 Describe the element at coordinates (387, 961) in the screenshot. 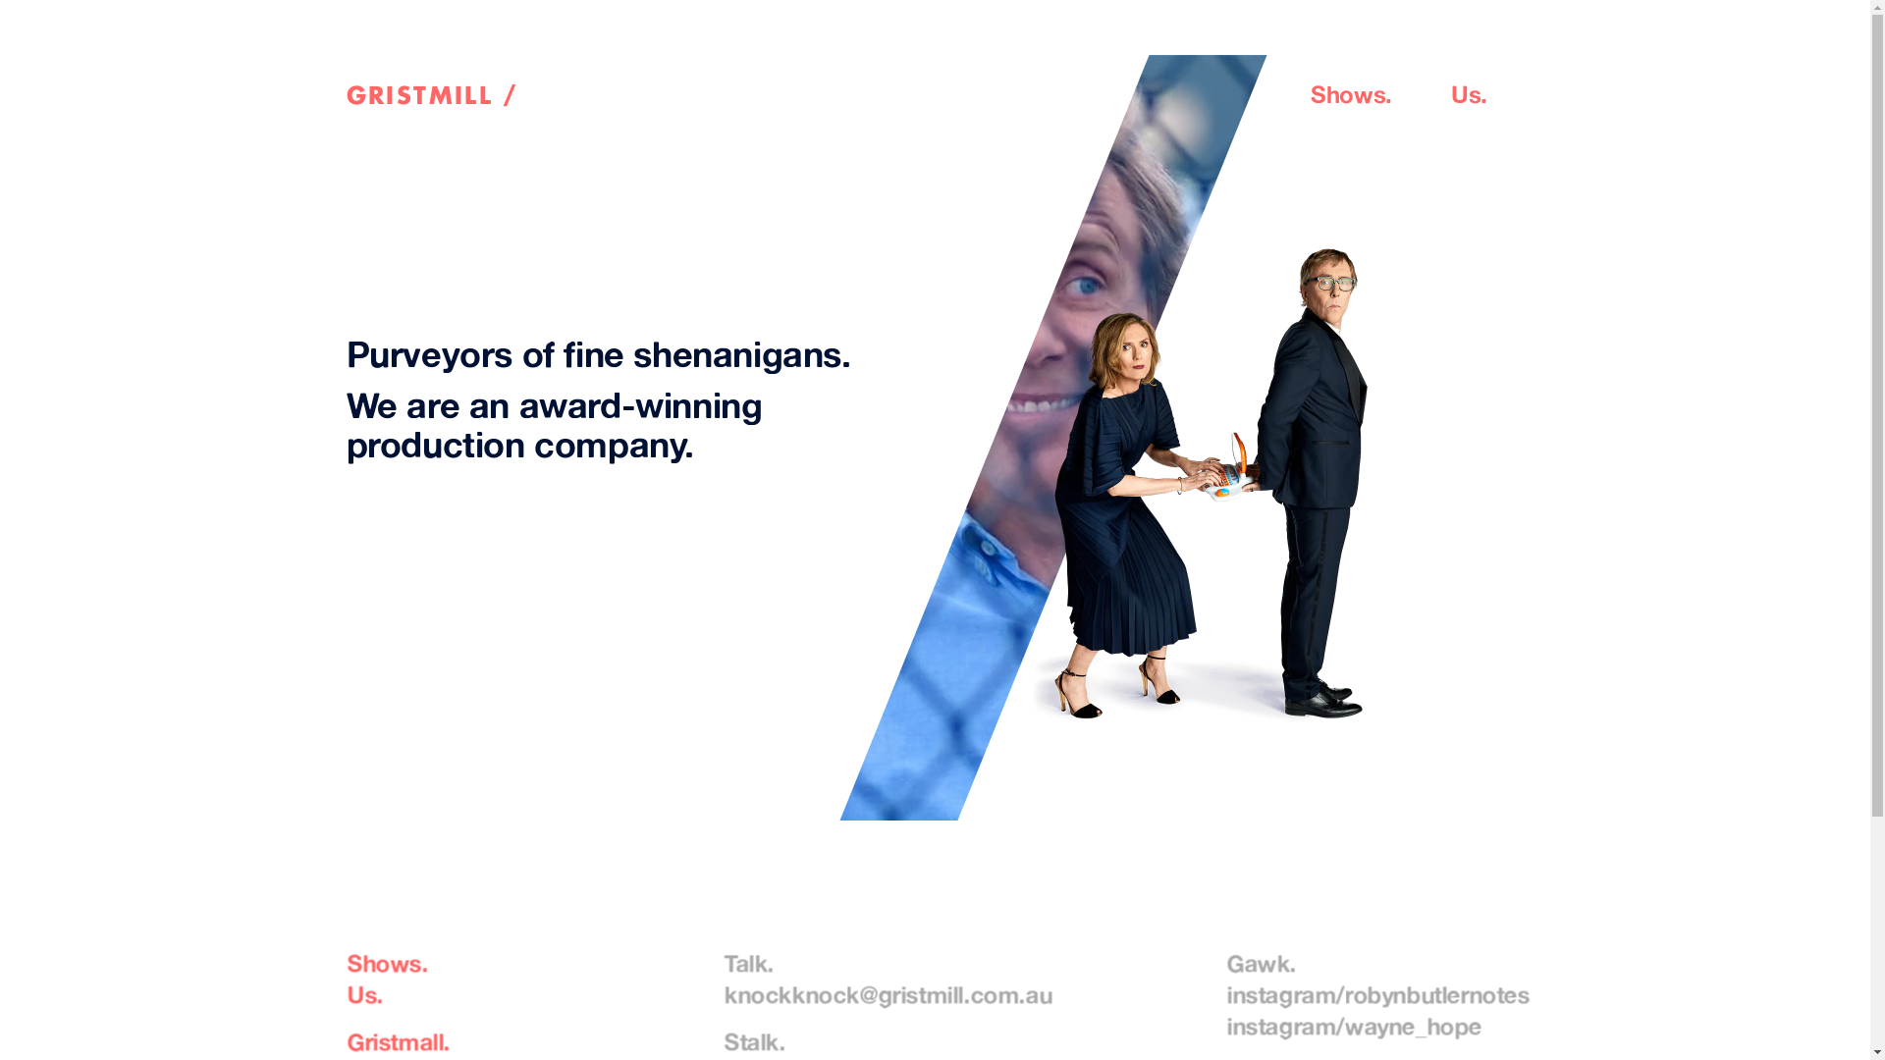

I see `'Shows.'` at that location.